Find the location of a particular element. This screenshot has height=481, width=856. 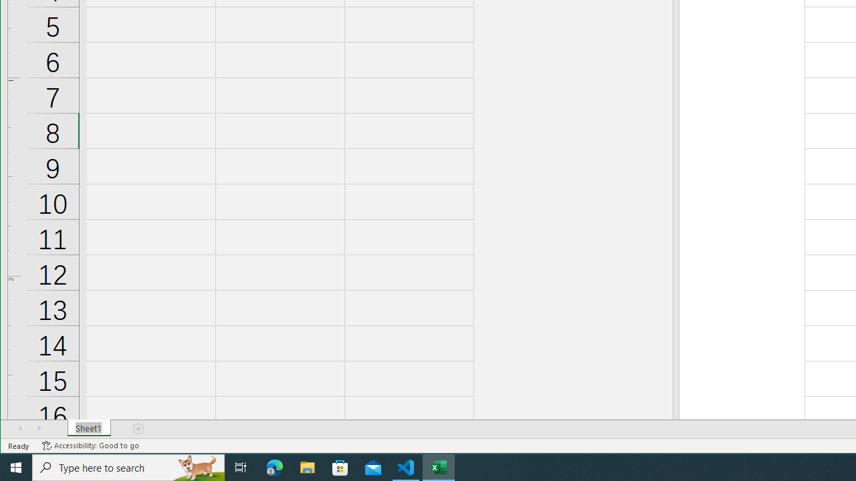

'Visual Studio Code - 1 running window' is located at coordinates (405, 466).